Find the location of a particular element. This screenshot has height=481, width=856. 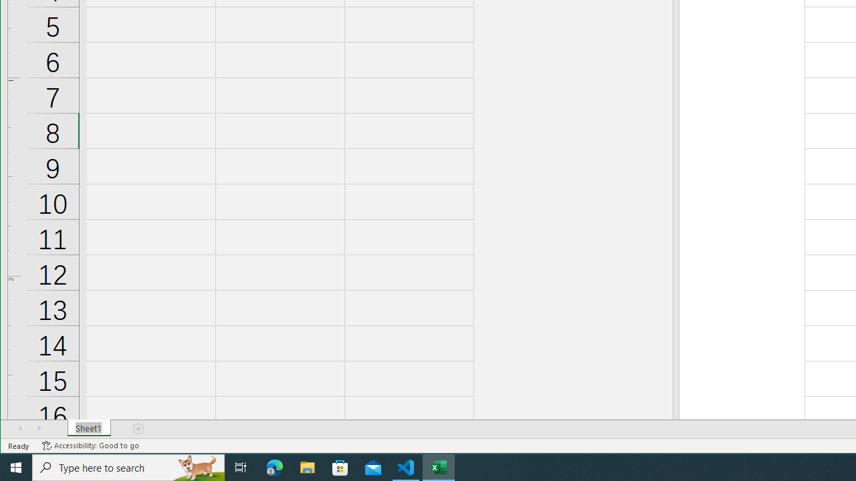

'Visual Studio Code - 1 running window' is located at coordinates (405, 466).